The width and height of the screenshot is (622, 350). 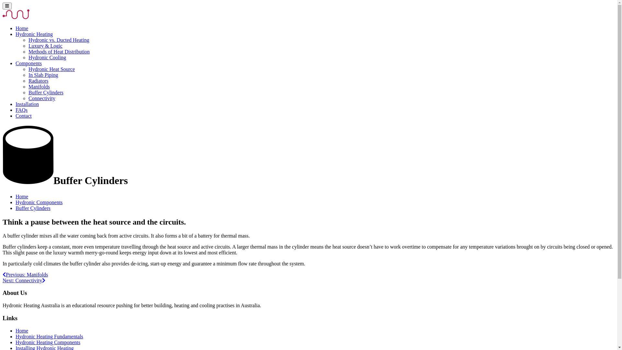 What do you see at coordinates (27, 104) in the screenshot?
I see `'Installation'` at bounding box center [27, 104].